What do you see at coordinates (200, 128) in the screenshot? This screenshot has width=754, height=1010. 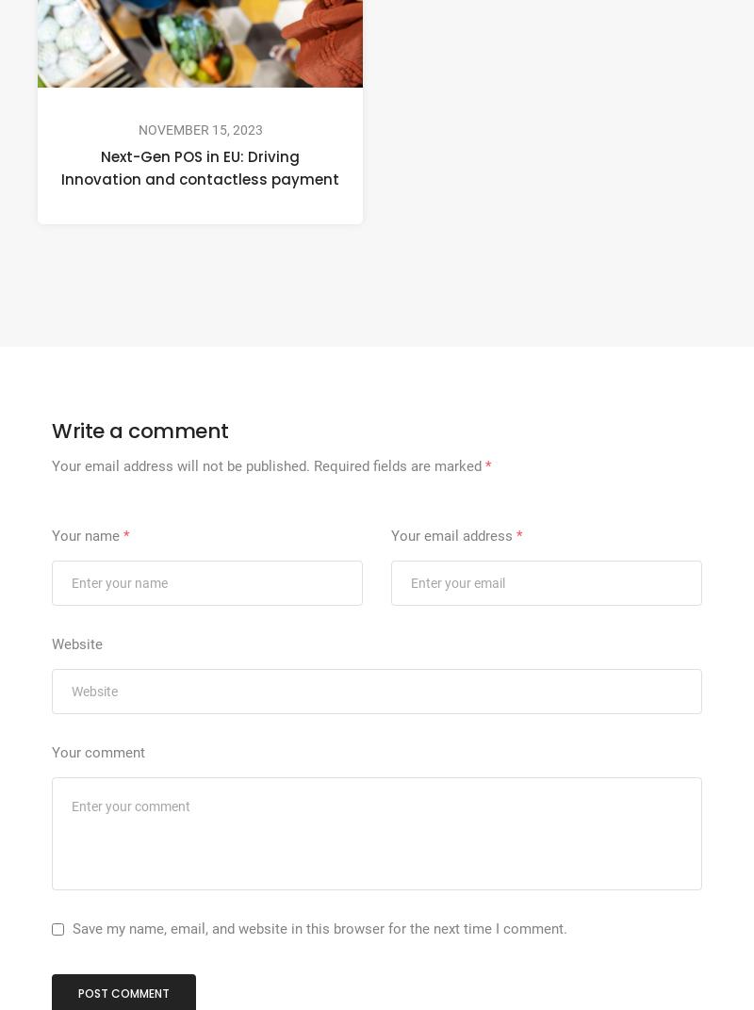 I see `'November 15, 2023'` at bounding box center [200, 128].